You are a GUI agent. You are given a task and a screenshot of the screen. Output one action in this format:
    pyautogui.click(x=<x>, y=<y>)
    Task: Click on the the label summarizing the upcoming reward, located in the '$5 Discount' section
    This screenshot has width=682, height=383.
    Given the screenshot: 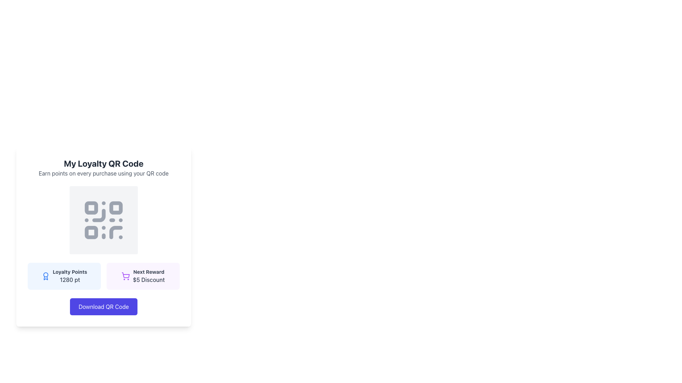 What is the action you would take?
    pyautogui.click(x=148, y=272)
    